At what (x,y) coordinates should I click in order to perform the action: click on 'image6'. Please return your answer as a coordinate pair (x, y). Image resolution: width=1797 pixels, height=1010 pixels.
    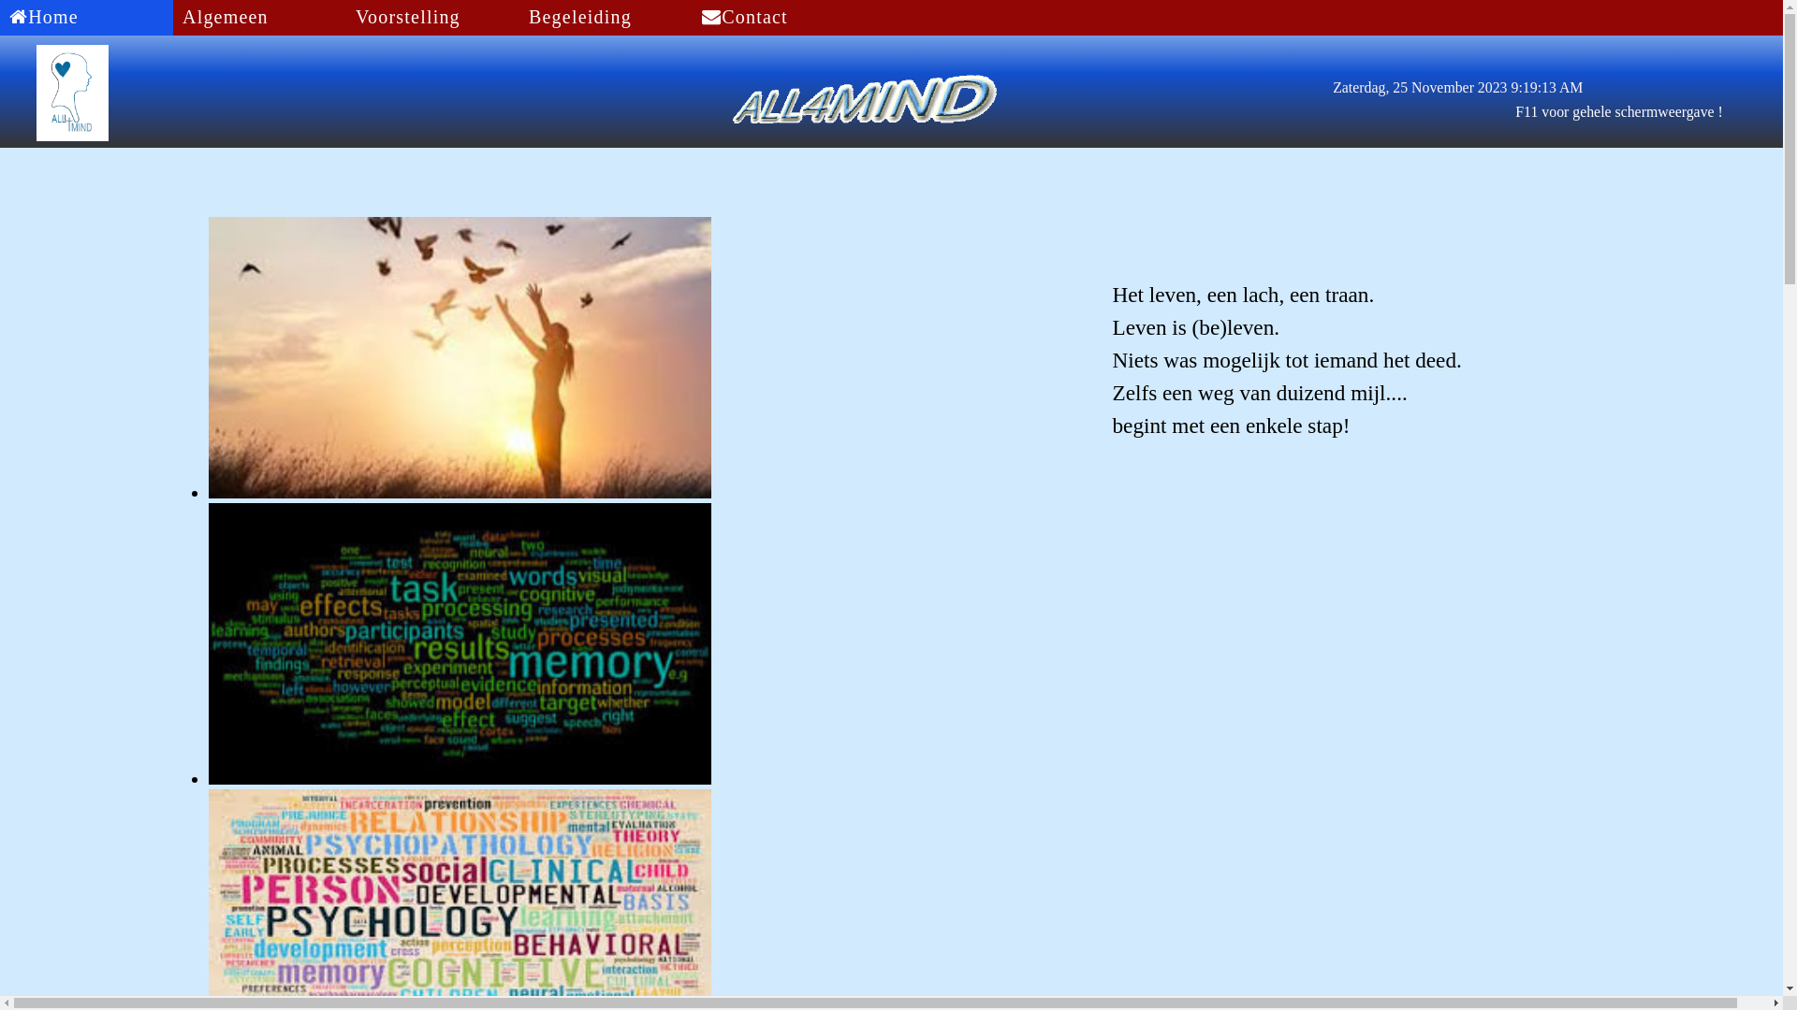
    Looking at the image, I should click on (460, 642).